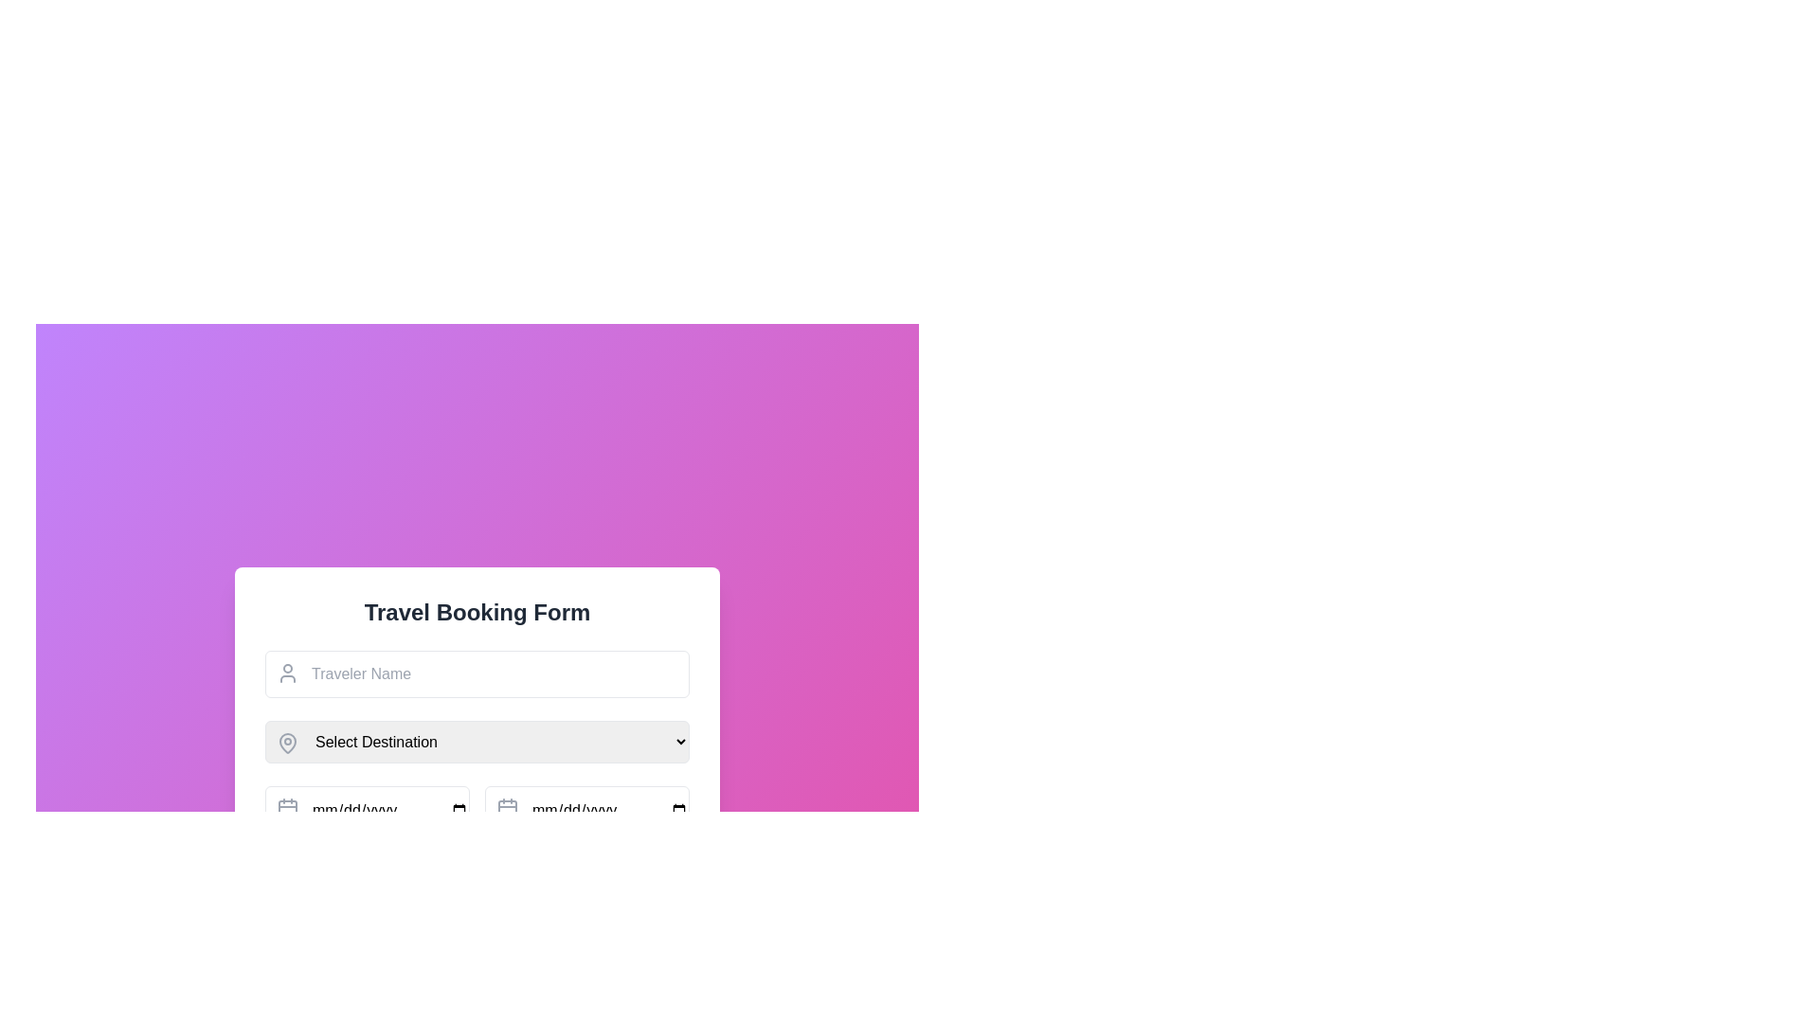 The image size is (1819, 1023). What do you see at coordinates (368, 810) in the screenshot?
I see `the Date Input Field located below the 'Select Destination' dropdown` at bounding box center [368, 810].